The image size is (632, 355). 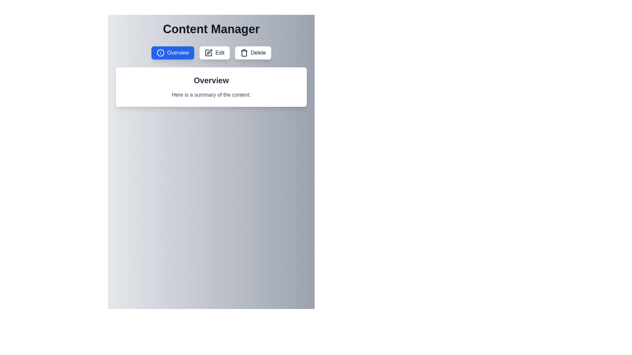 I want to click on the Overview button, so click(x=172, y=53).